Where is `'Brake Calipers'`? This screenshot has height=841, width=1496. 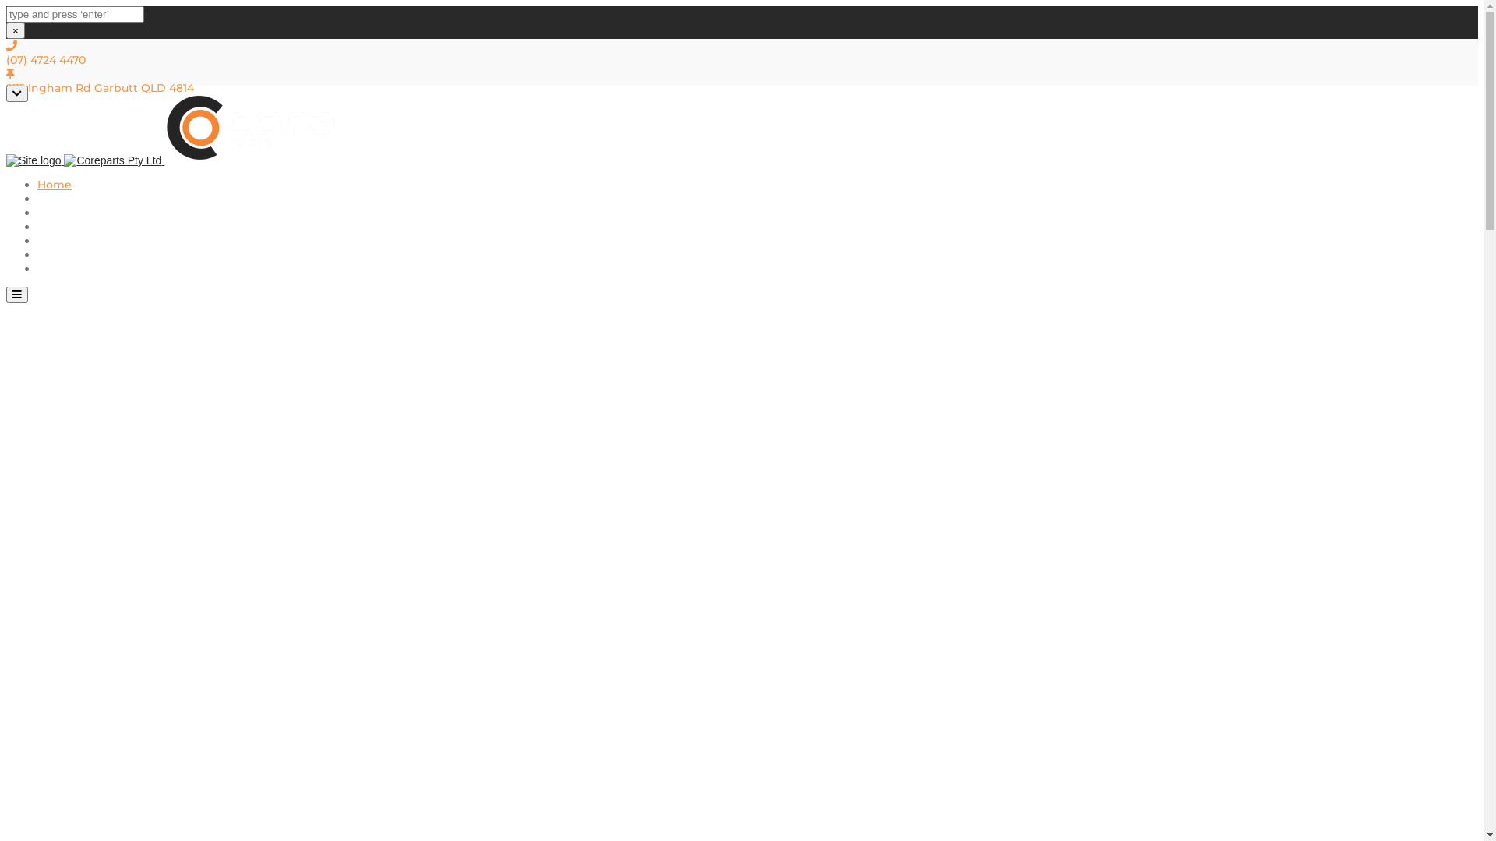 'Brake Calipers' is located at coordinates (77, 226).